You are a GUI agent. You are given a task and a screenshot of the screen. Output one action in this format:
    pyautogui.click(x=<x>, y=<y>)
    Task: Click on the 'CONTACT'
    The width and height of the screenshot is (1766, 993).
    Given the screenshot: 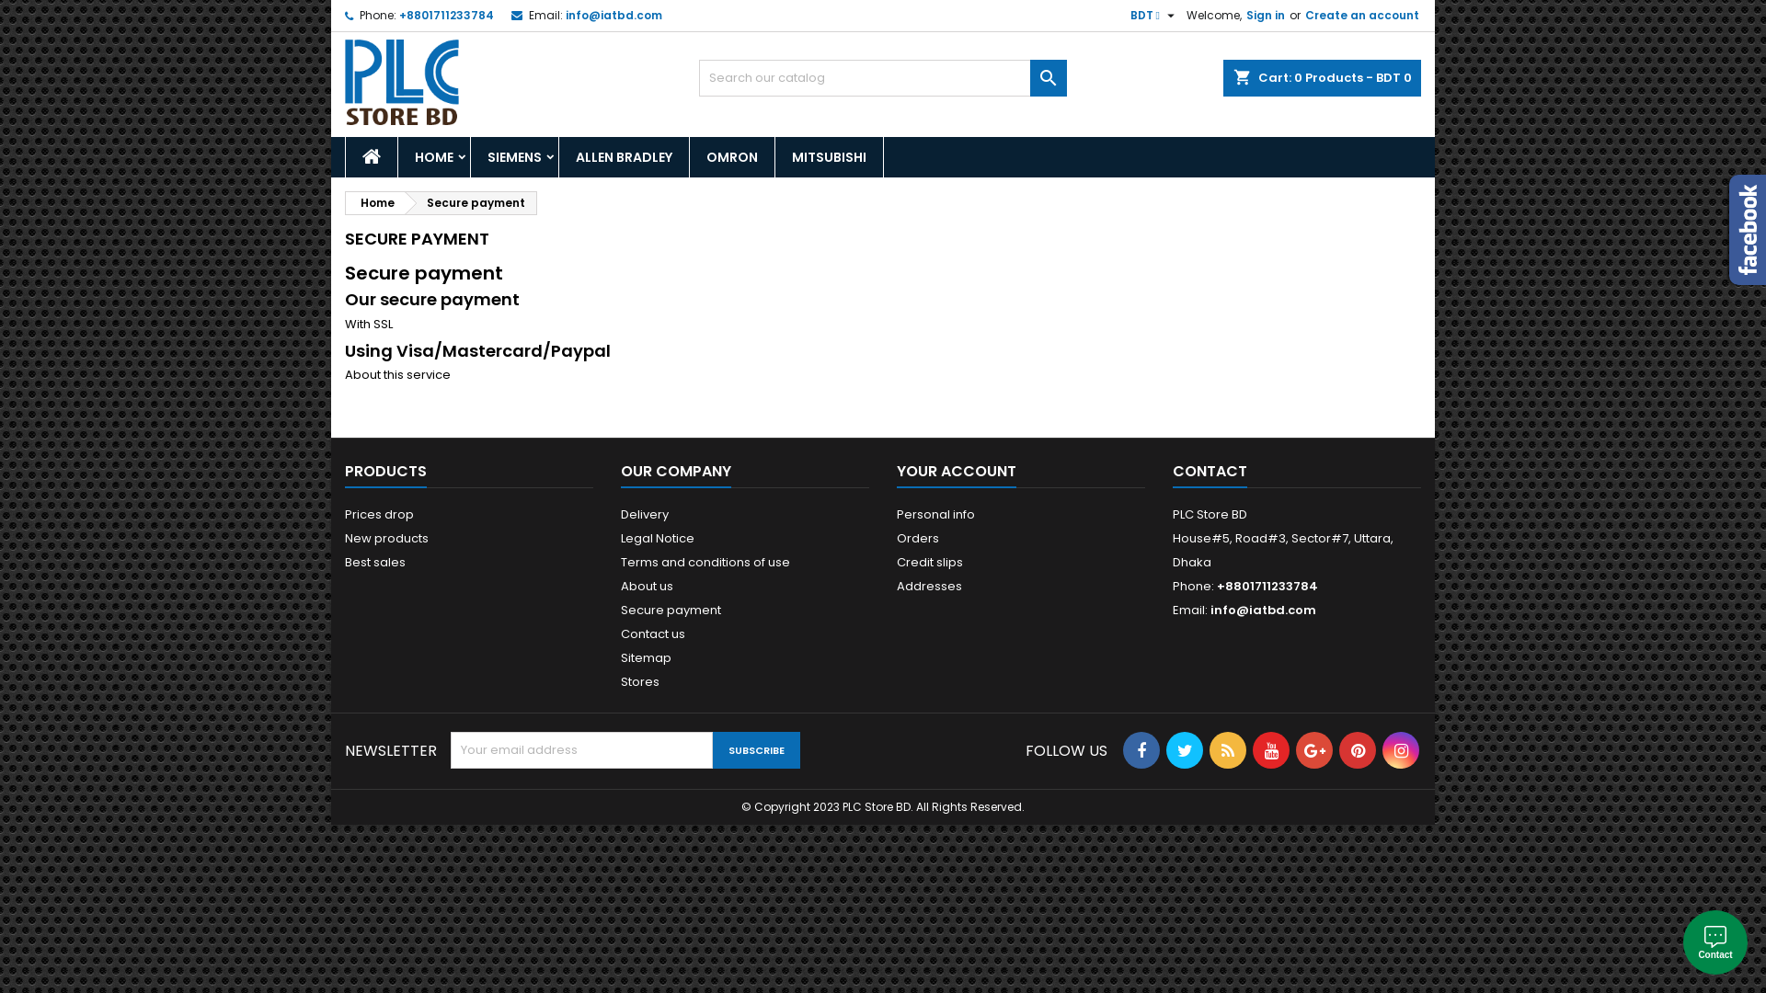 What is the action you would take?
    pyautogui.click(x=1210, y=471)
    